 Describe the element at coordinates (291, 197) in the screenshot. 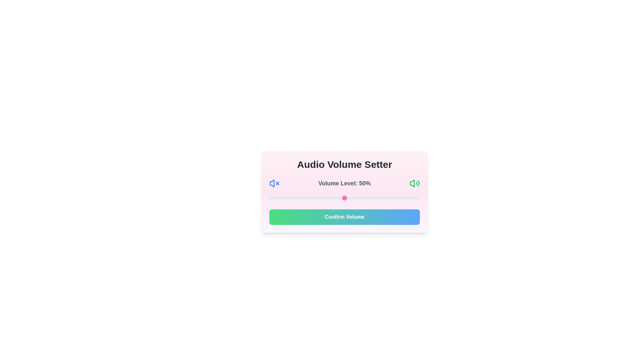

I see `the volume` at that location.